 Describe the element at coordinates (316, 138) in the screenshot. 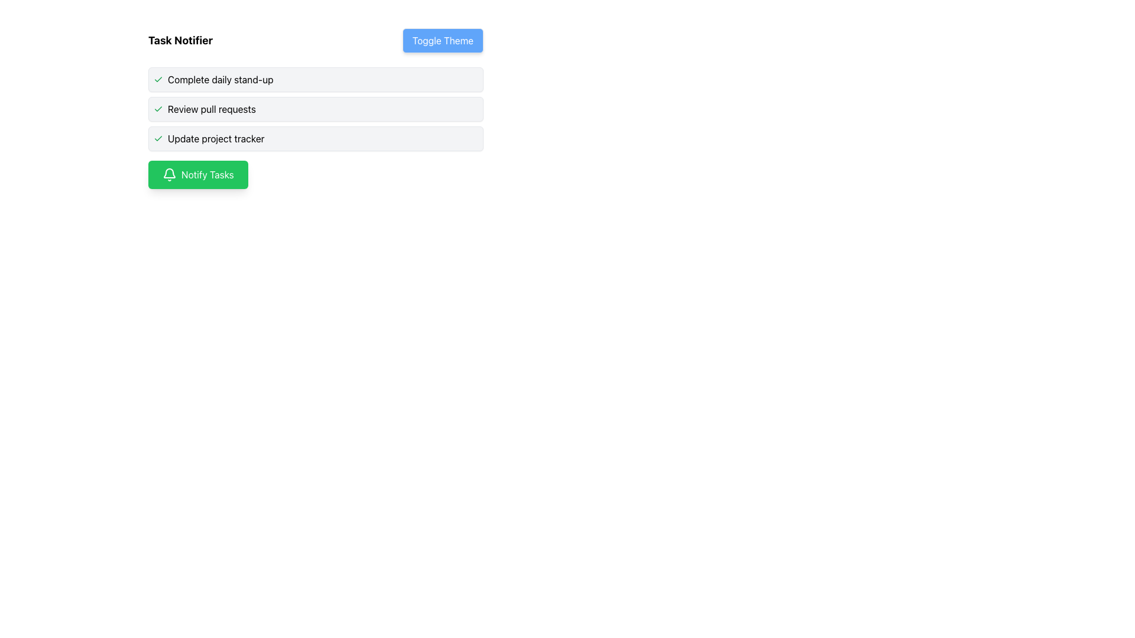

I see `the third list item under the 'Task Notifier' heading, which contains a green checkmark icon and the text 'Update project tracker', using assistive technologies` at that location.